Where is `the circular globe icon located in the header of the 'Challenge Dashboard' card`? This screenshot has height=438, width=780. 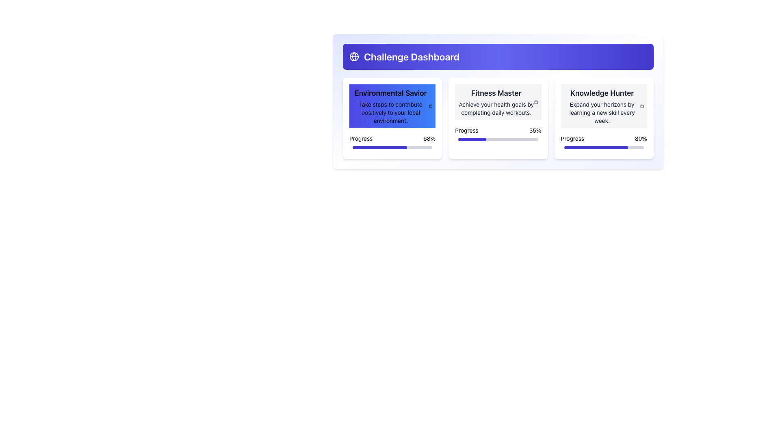 the circular globe icon located in the header of the 'Challenge Dashboard' card is located at coordinates (354, 56).